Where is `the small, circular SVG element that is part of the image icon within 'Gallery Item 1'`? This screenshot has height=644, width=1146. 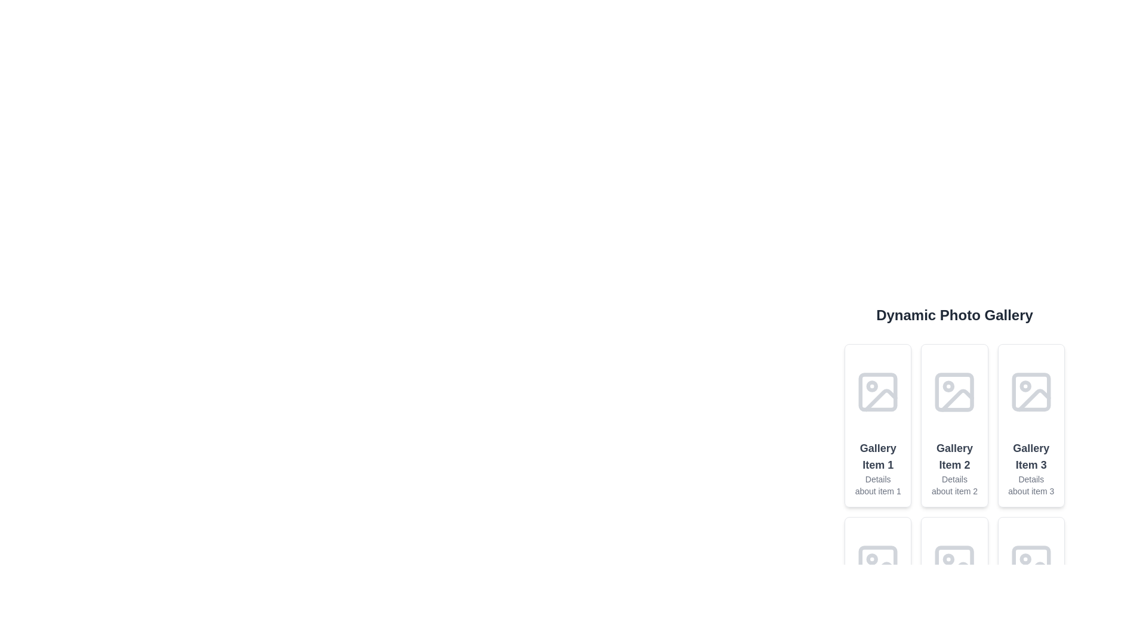 the small, circular SVG element that is part of the image icon within 'Gallery Item 1' is located at coordinates (872, 386).